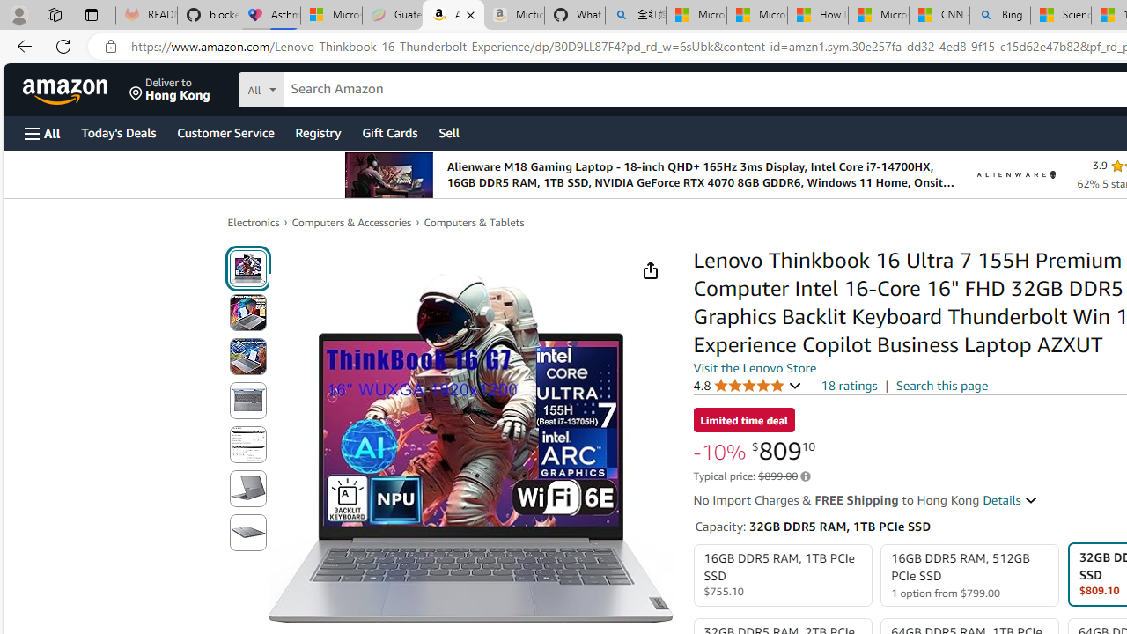 The image size is (1127, 634). I want to click on 'Amazon', so click(67, 89).